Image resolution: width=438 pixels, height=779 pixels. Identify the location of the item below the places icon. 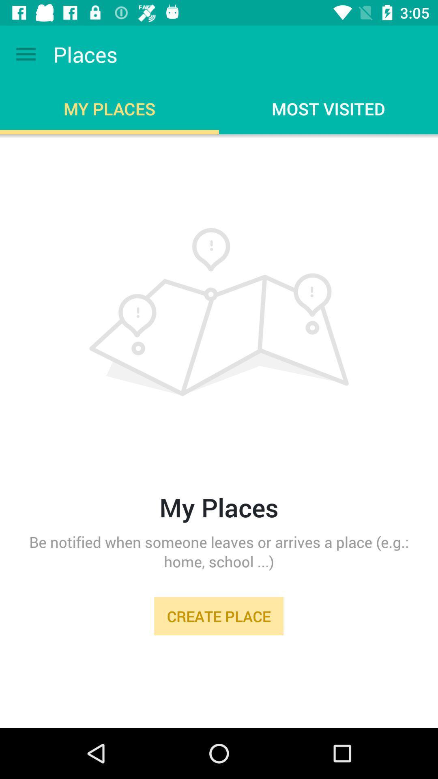
(219, 405).